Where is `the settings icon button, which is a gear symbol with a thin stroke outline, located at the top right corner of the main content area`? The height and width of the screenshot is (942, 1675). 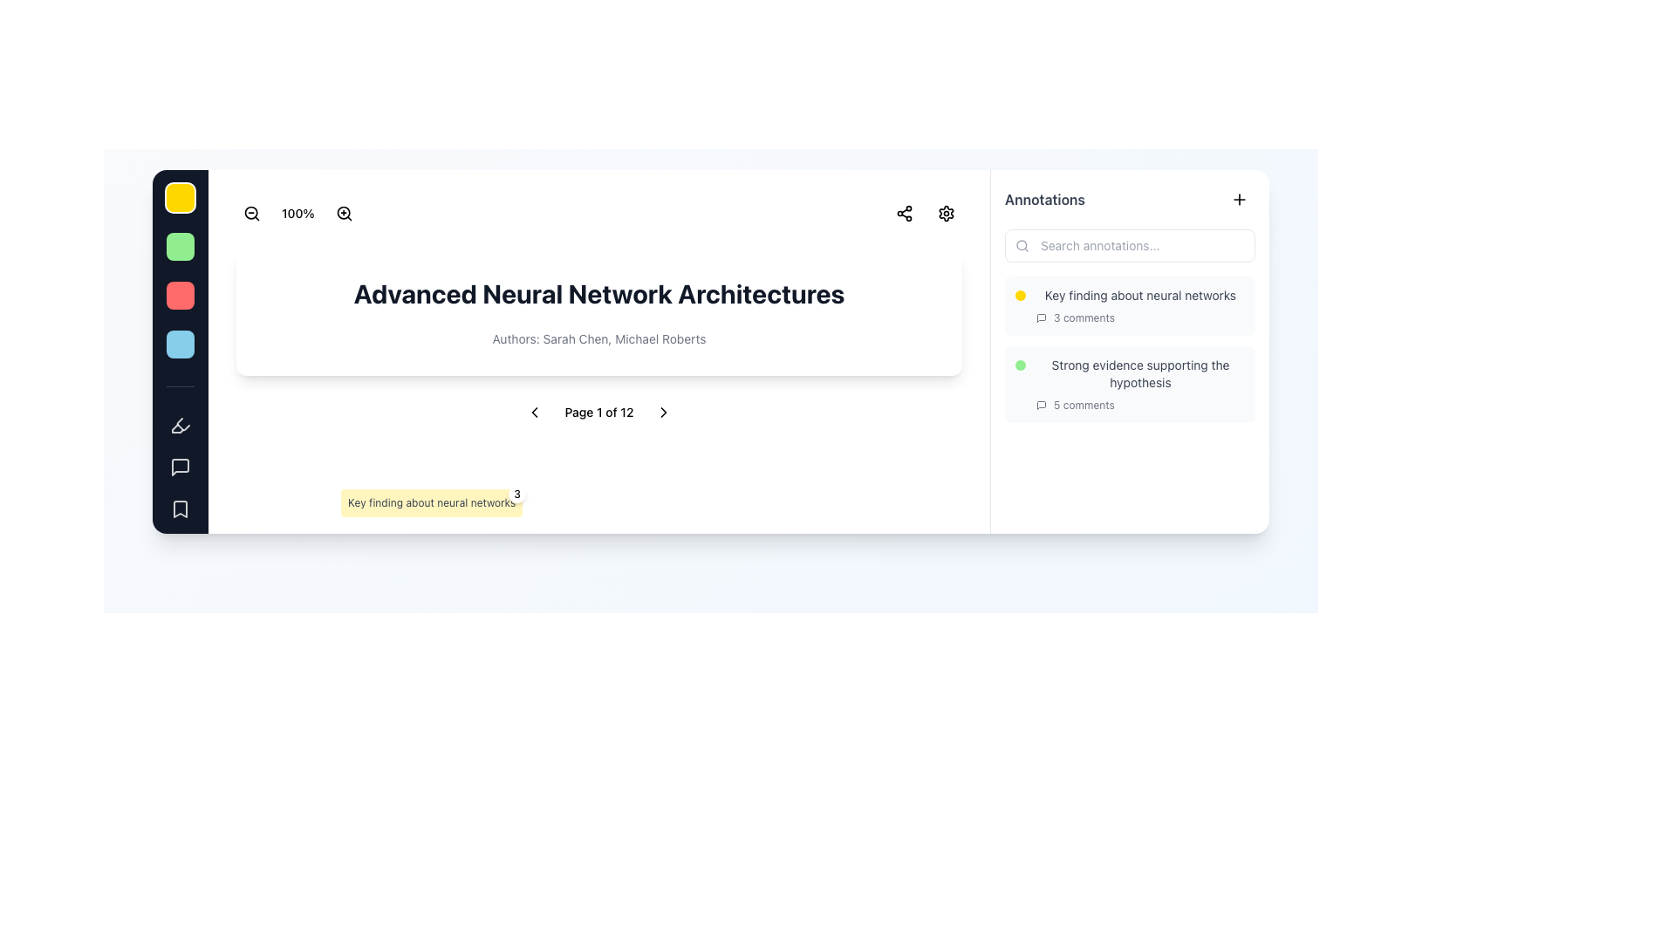
the settings icon button, which is a gear symbol with a thin stroke outline, located at the top right corner of the main content area is located at coordinates (945, 213).